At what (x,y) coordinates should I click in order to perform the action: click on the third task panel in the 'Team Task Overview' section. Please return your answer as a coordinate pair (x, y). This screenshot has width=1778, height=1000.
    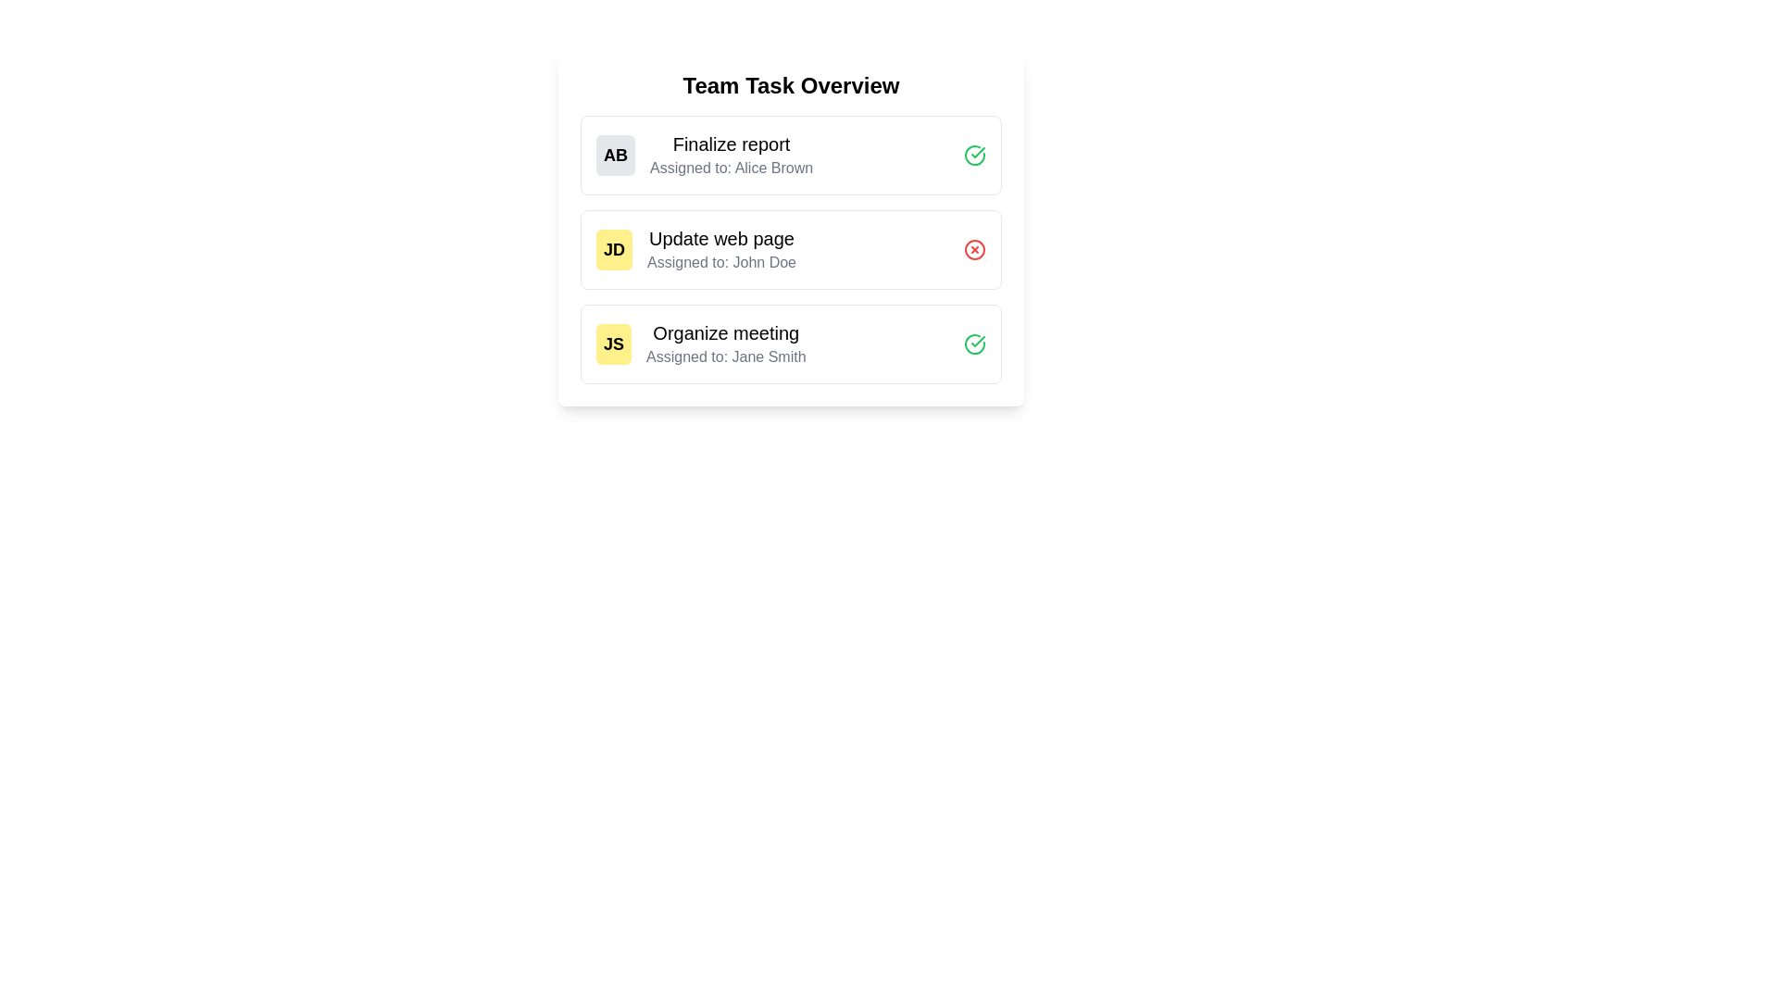
    Looking at the image, I should click on (791, 344).